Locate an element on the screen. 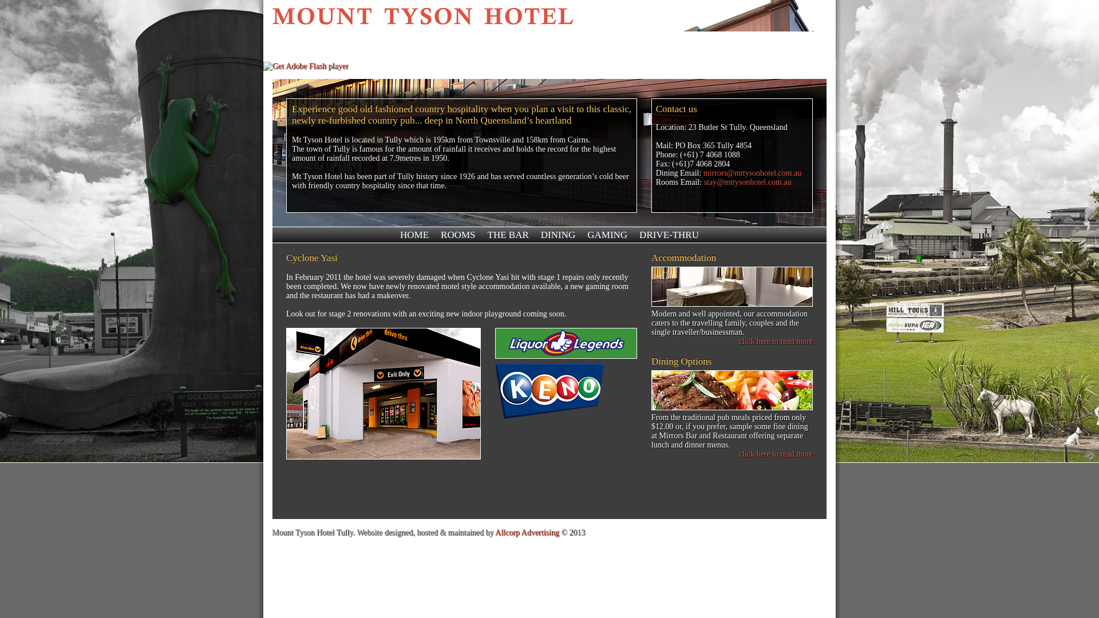  'mirrors@mttysonhotel.com.au' is located at coordinates (753, 173).